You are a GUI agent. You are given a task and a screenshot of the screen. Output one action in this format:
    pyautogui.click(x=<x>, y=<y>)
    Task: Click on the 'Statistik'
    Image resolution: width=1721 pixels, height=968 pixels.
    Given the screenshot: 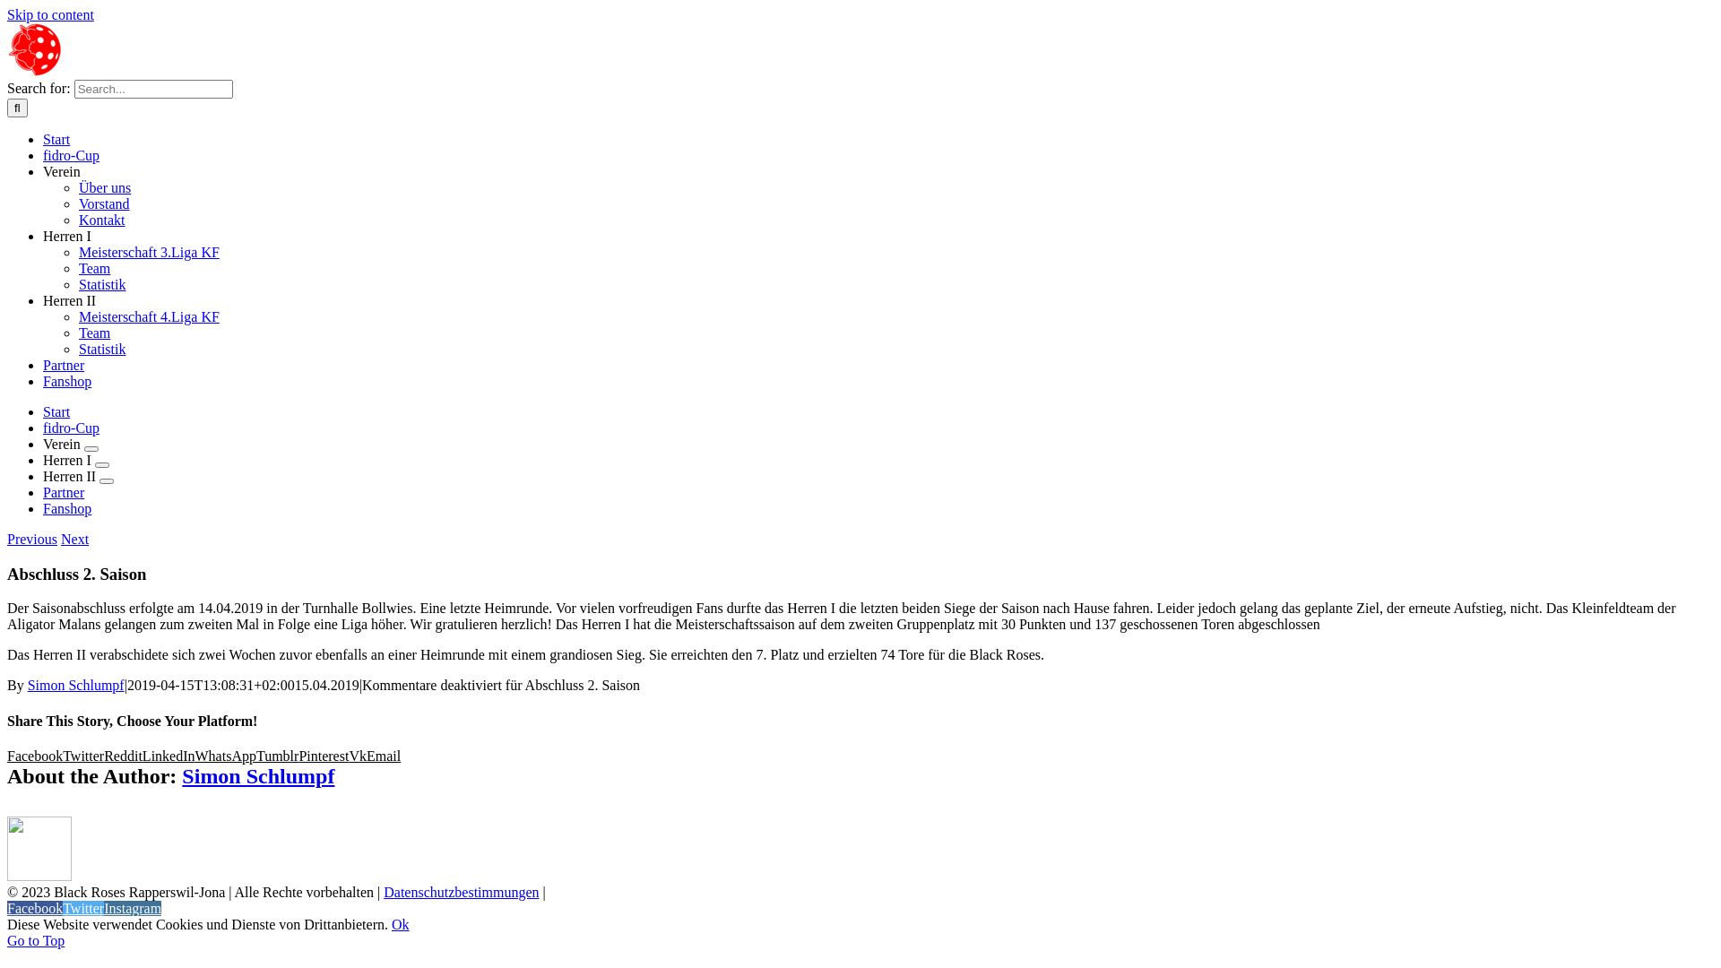 What is the action you would take?
    pyautogui.click(x=101, y=283)
    